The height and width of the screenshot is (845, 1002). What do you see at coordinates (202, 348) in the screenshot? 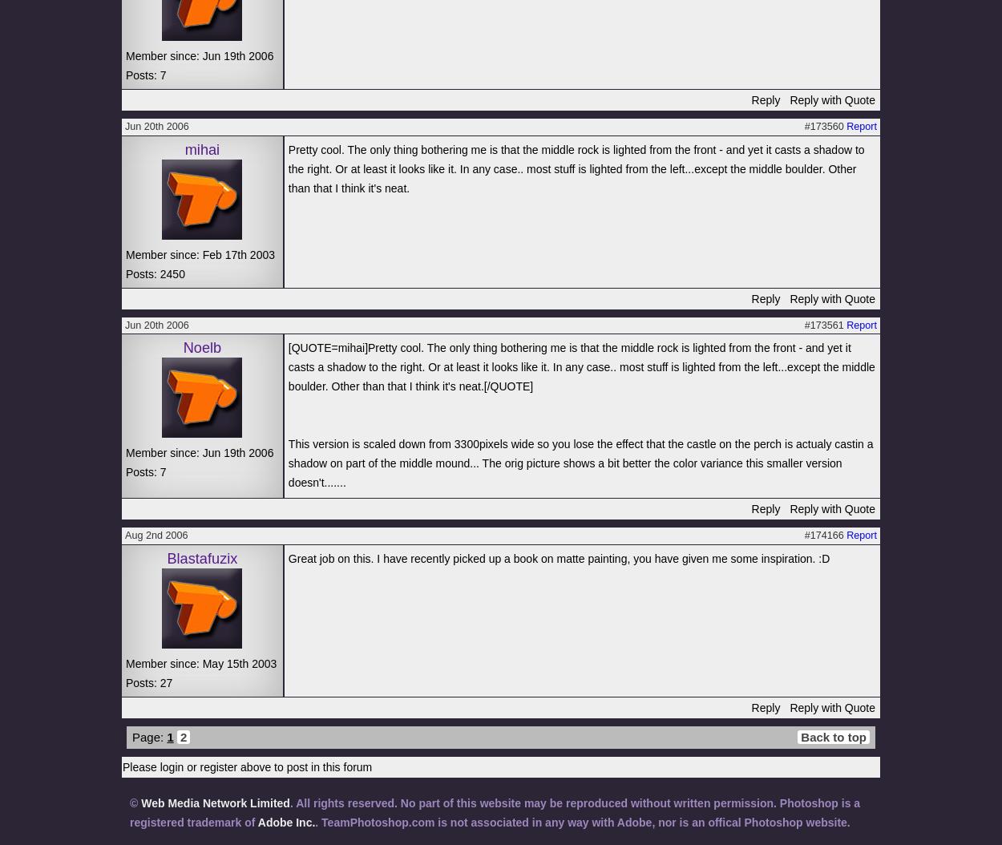
I see `'Noelb'` at bounding box center [202, 348].